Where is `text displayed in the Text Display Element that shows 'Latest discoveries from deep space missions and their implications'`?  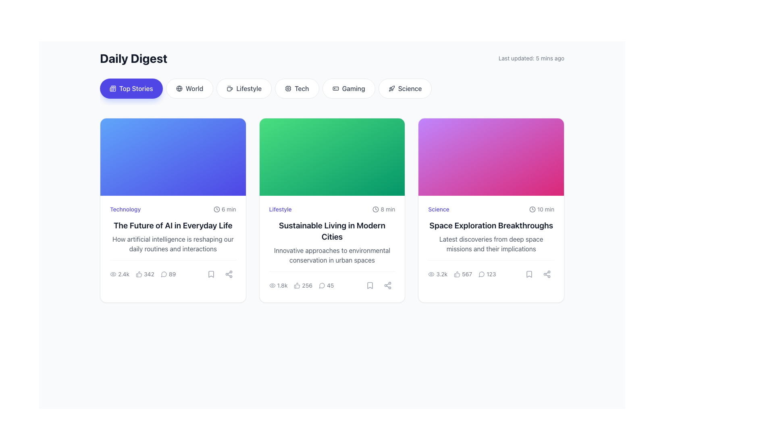
text displayed in the Text Display Element that shows 'Latest discoveries from deep space missions and their implications' is located at coordinates (491, 243).